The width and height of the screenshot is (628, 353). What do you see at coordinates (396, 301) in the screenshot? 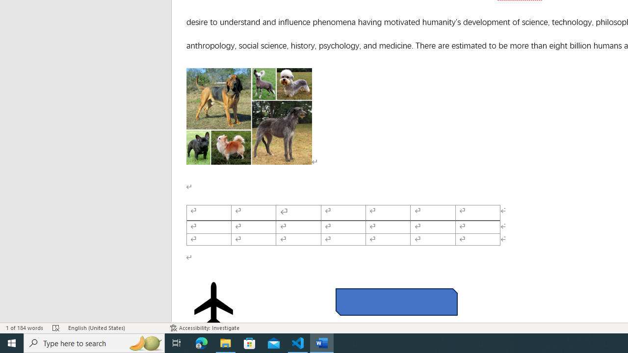
I see `'Rectangle: Diagonal Corners Snipped 2'` at bounding box center [396, 301].